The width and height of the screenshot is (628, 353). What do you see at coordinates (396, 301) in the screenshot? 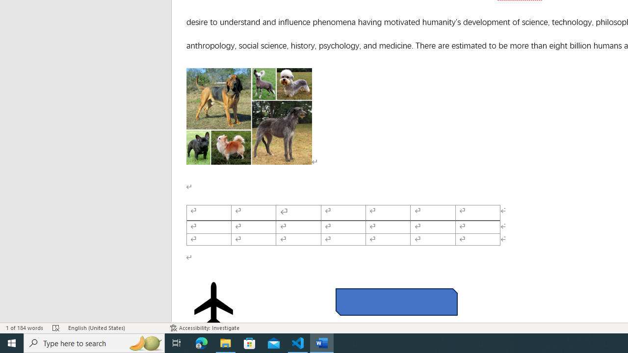
I see `'Rectangle: Diagonal Corners Snipped 2'` at bounding box center [396, 301].